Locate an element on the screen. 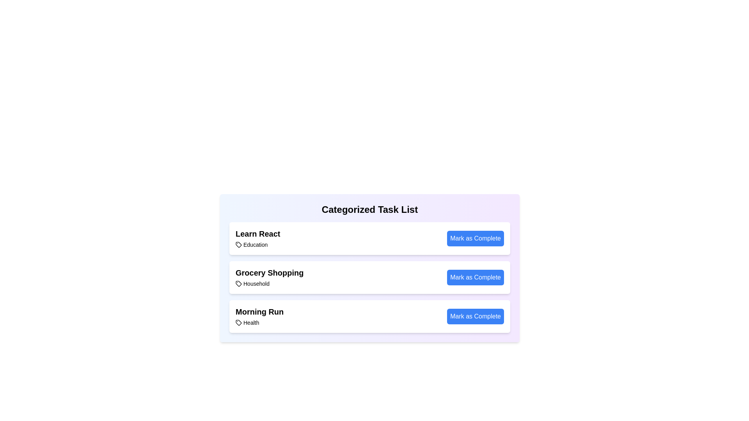 Image resolution: width=749 pixels, height=421 pixels. the header 'Categorized Task List' to reveal additional information is located at coordinates (369, 209).